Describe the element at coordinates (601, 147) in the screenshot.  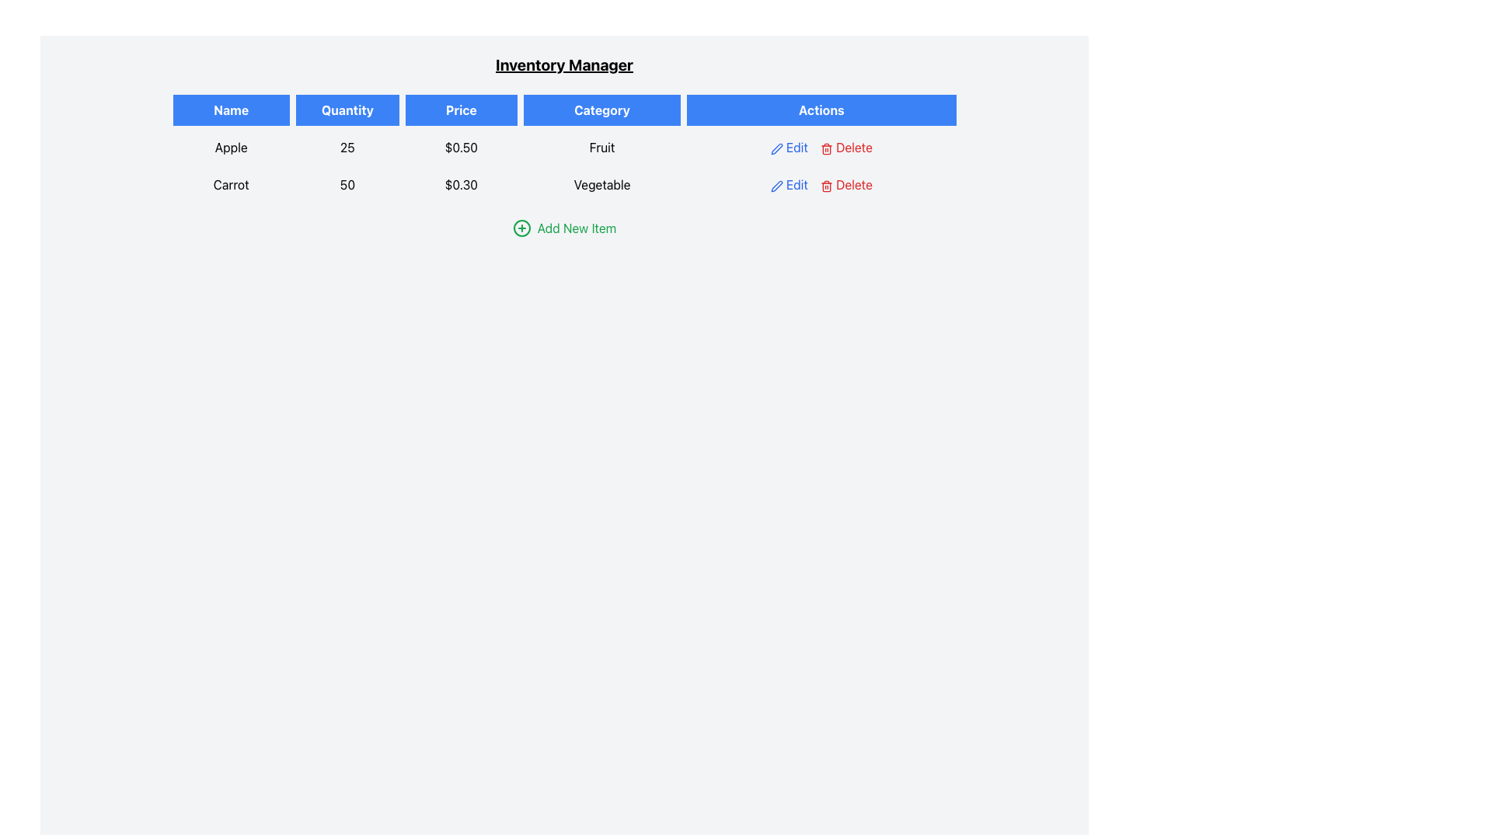
I see `the 'Fruit' Label in the Inventory Manager interface, which is located in the third column of the first row under the 'Category' heading` at that location.